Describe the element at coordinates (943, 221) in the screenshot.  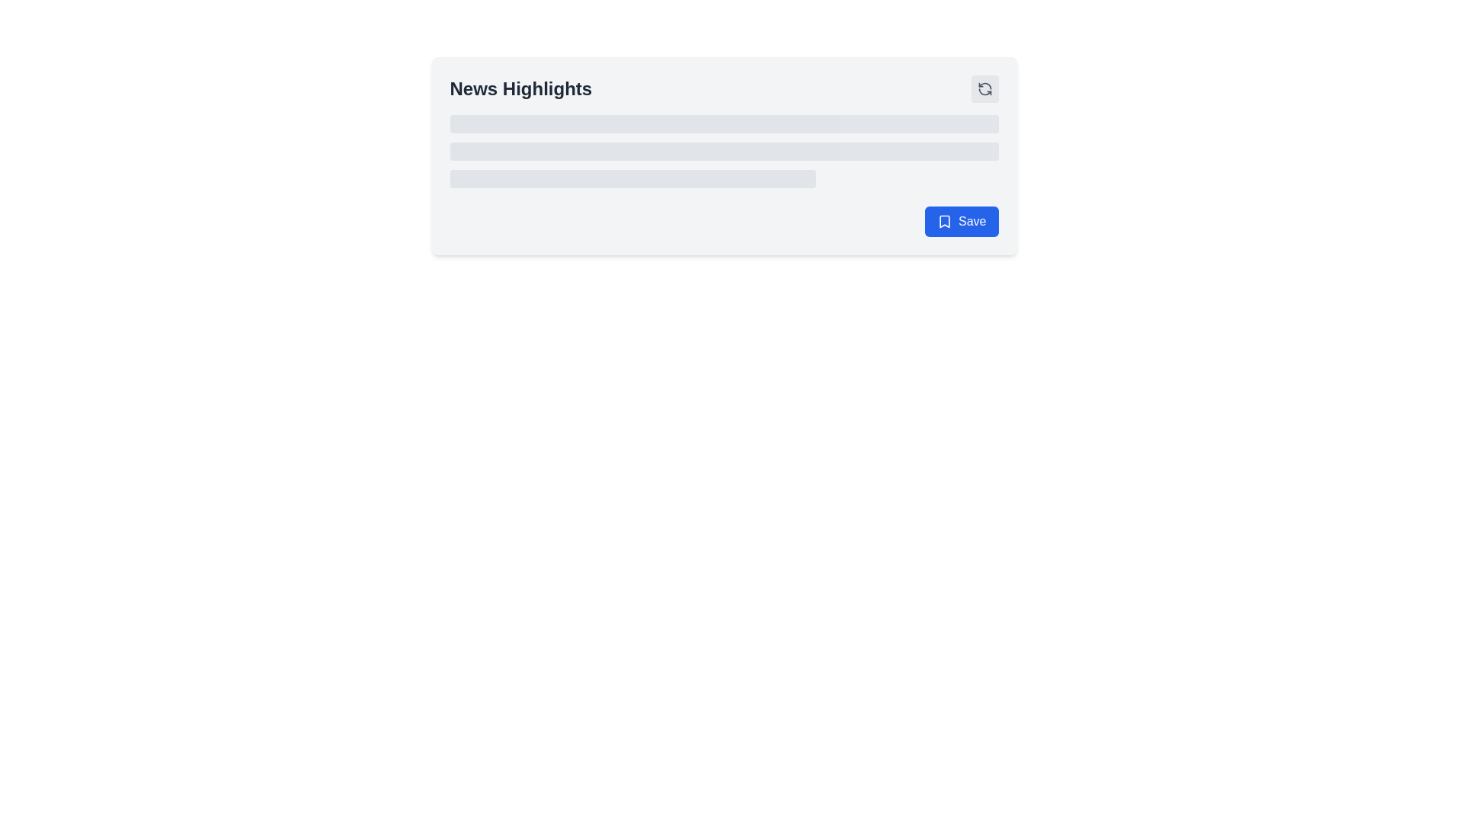
I see `the bookmark icon located to the left of the 'Save' text` at that location.